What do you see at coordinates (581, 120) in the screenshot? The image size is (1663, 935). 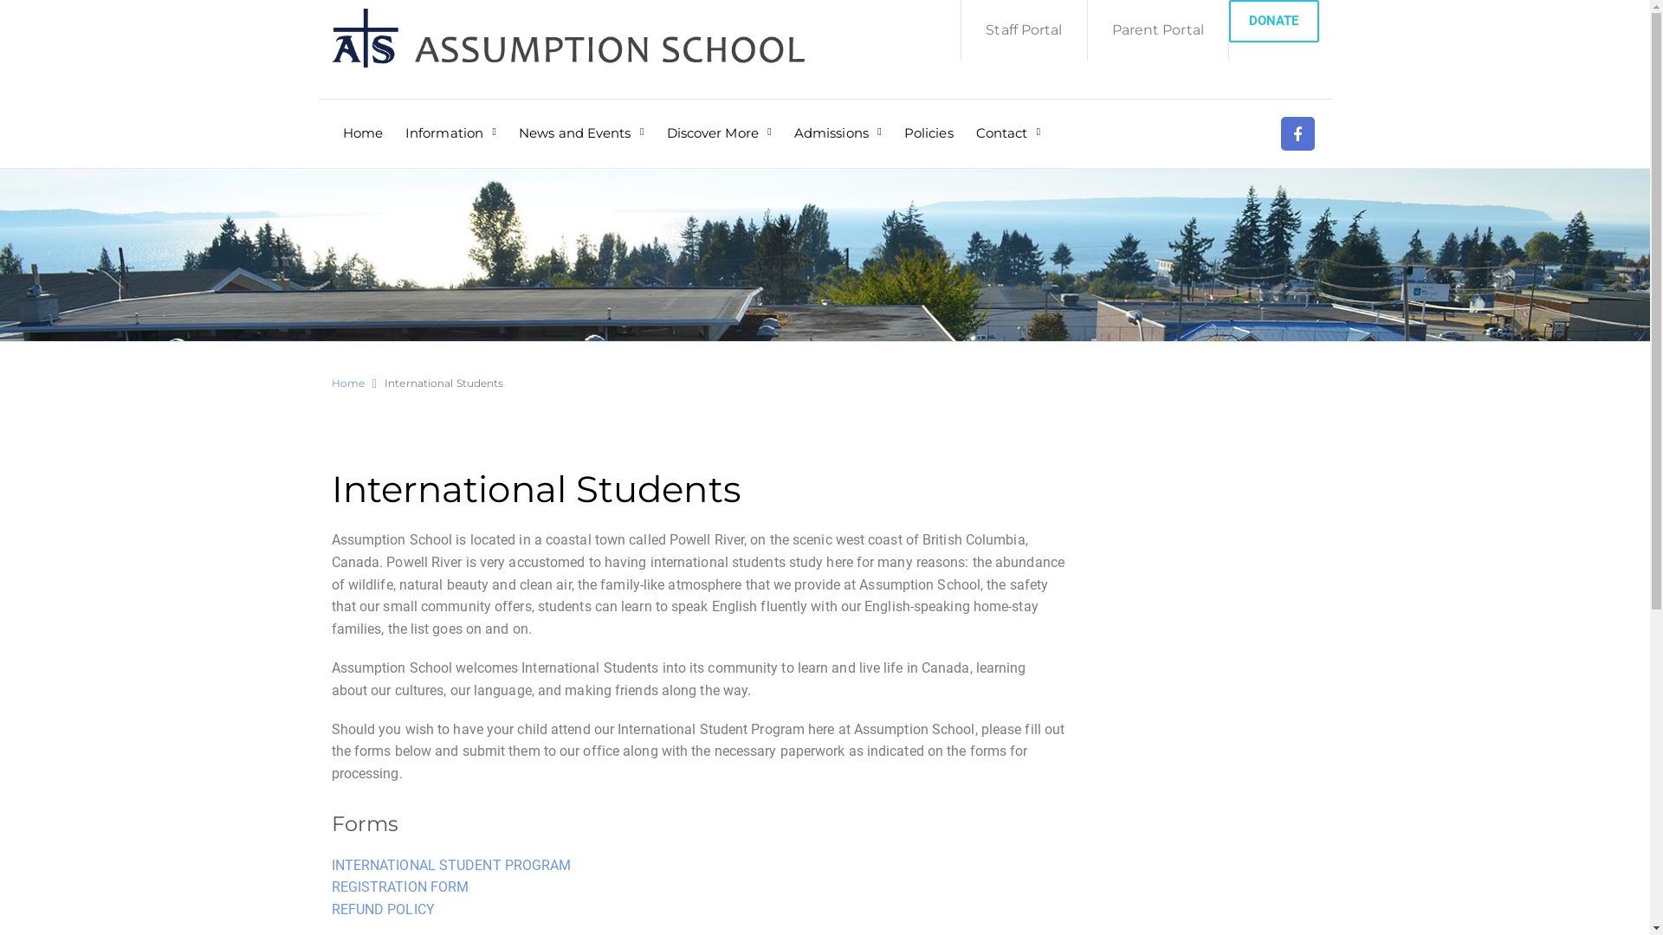 I see `'News and Events'` at bounding box center [581, 120].